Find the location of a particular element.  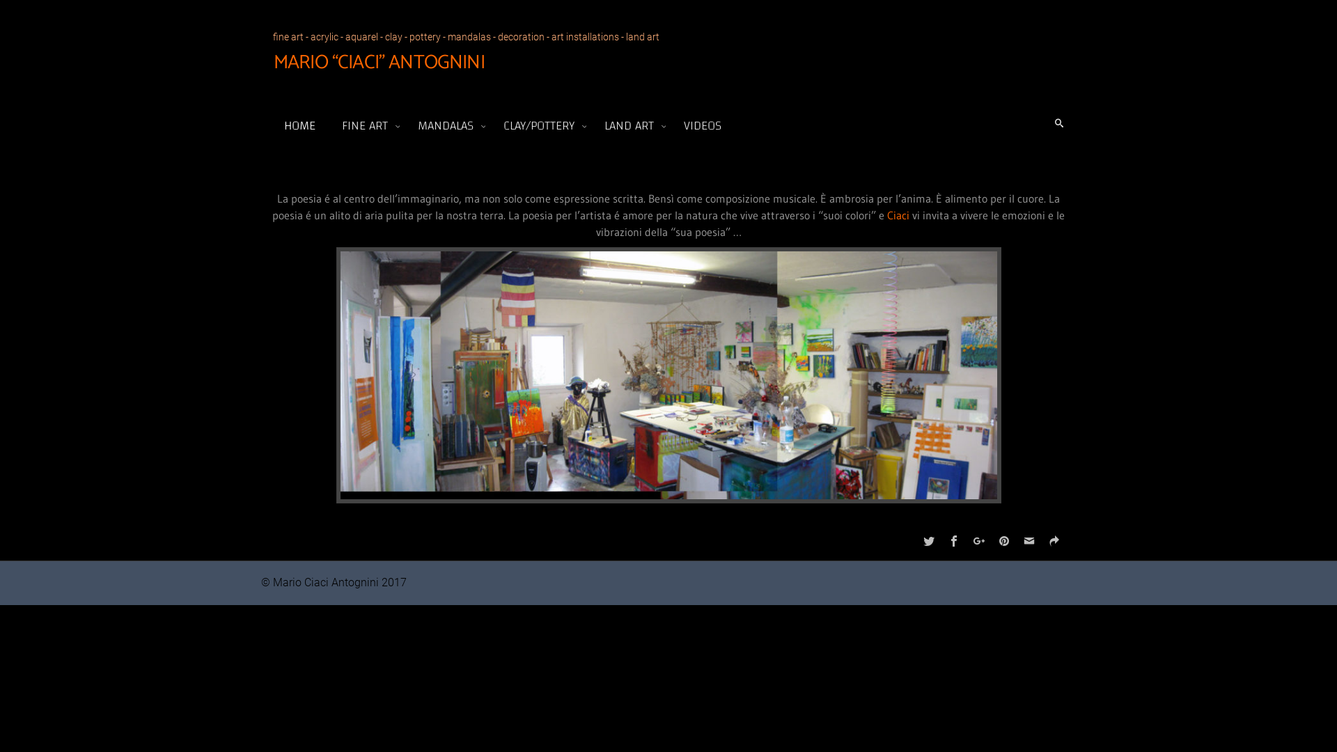

'CLAY/POTTERY' is located at coordinates (540, 125).